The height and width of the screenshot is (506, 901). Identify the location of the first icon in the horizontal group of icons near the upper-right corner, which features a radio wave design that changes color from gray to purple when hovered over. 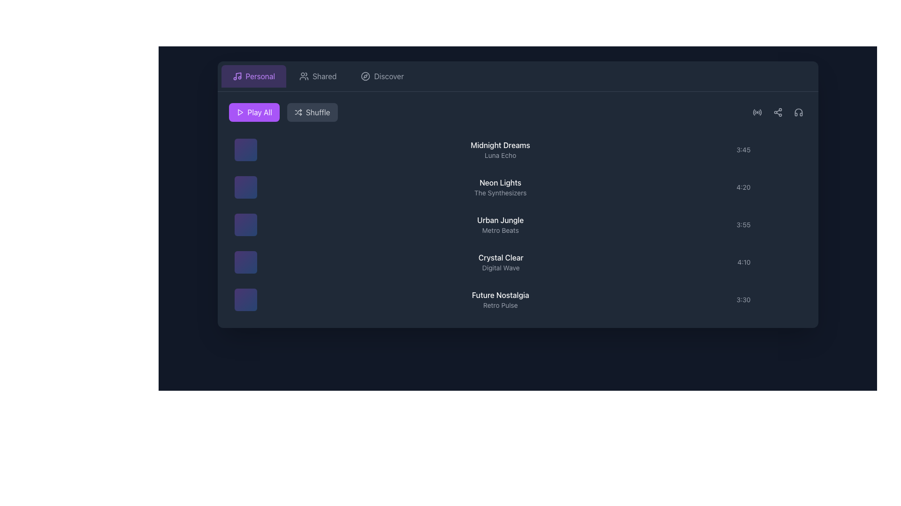
(757, 112).